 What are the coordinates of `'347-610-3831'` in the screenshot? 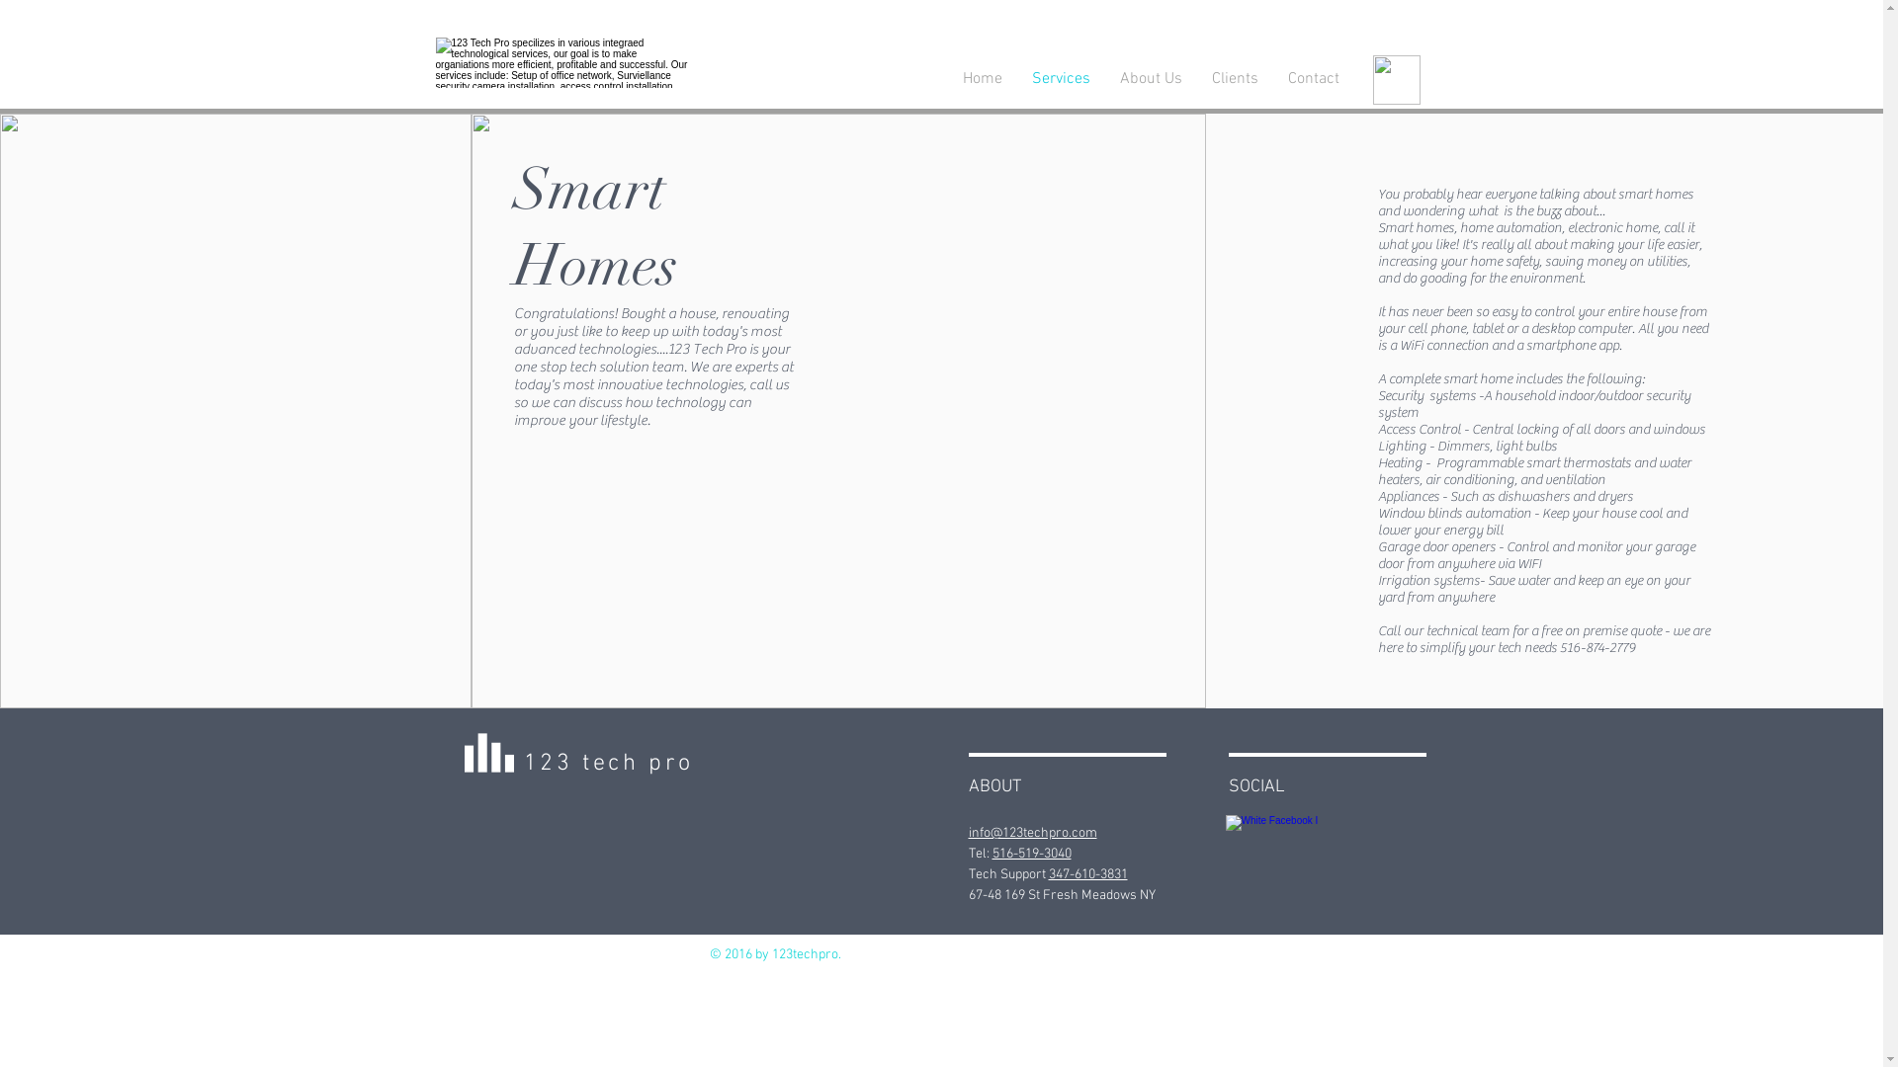 It's located at (1085, 873).